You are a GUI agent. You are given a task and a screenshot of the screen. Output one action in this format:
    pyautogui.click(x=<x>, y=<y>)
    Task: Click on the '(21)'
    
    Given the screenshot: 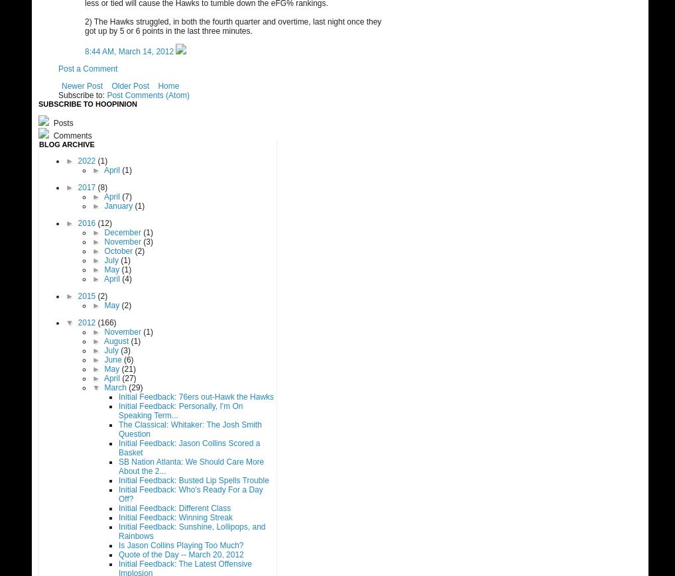 What is the action you would take?
    pyautogui.click(x=128, y=369)
    